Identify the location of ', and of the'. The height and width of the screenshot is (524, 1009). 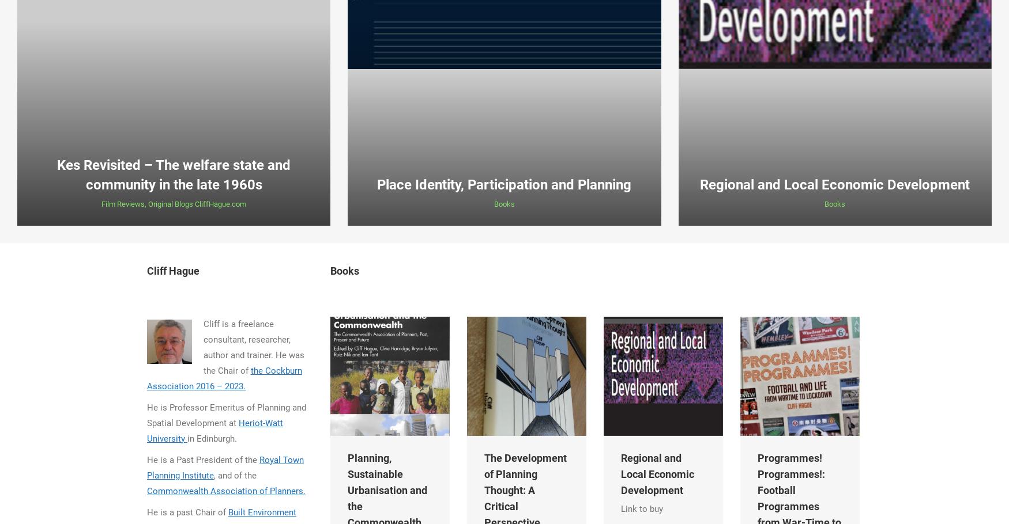
(234, 475).